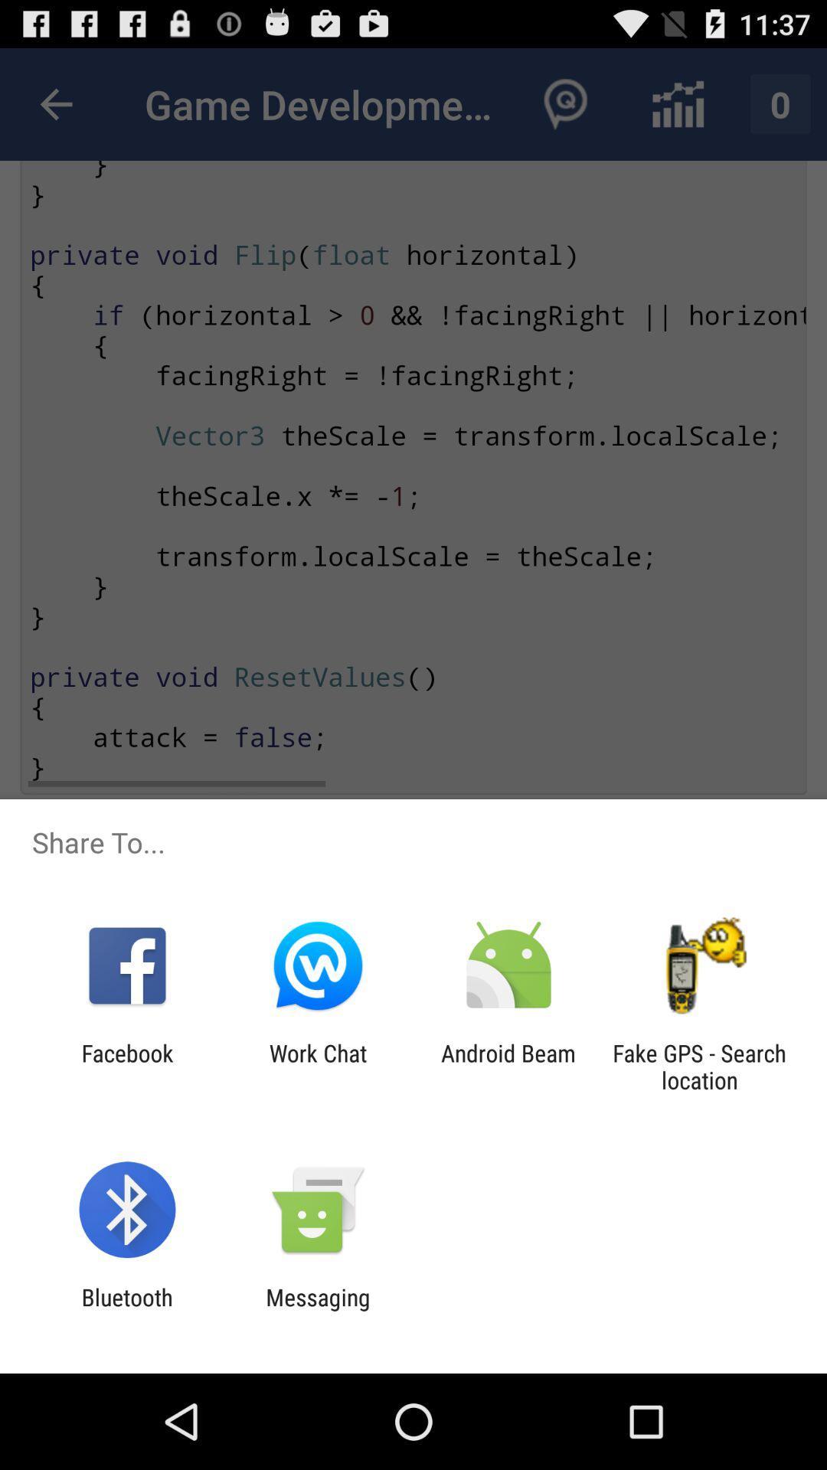 Image resolution: width=827 pixels, height=1470 pixels. What do you see at coordinates (699, 1066) in the screenshot?
I see `the fake gps search item` at bounding box center [699, 1066].